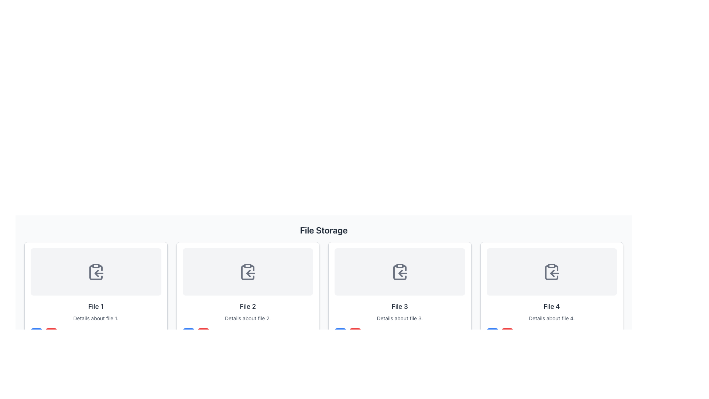 The width and height of the screenshot is (709, 399). What do you see at coordinates (552, 266) in the screenshot?
I see `the small rectangular shape at the top of the clipboard icon in the fourth card of the row` at bounding box center [552, 266].